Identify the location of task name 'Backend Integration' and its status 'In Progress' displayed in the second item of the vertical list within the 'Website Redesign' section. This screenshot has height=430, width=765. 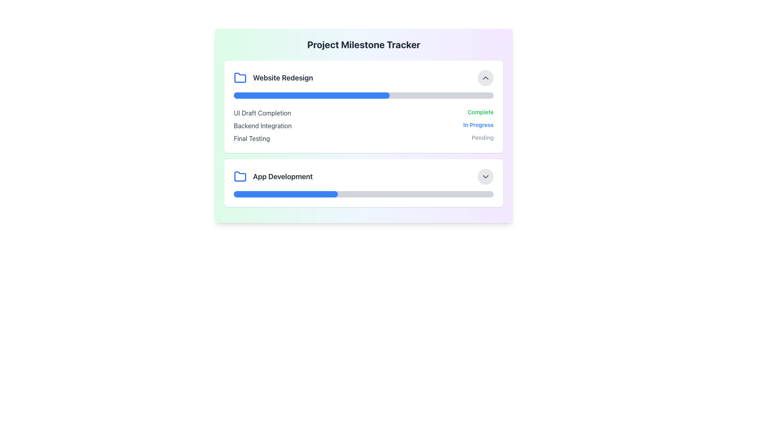
(363, 125).